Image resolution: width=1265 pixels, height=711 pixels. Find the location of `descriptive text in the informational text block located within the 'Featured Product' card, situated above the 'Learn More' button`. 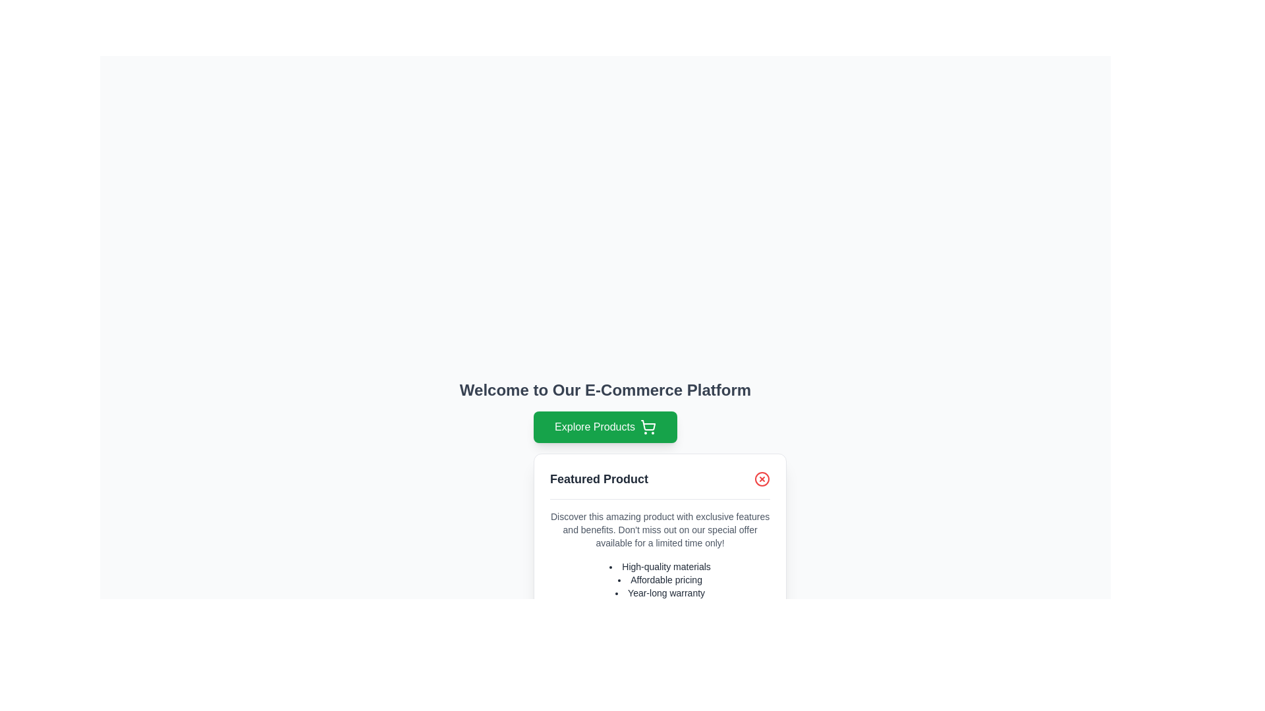

descriptive text in the informational text block located within the 'Featured Product' card, situated above the 'Learn More' button is located at coordinates (660, 575).